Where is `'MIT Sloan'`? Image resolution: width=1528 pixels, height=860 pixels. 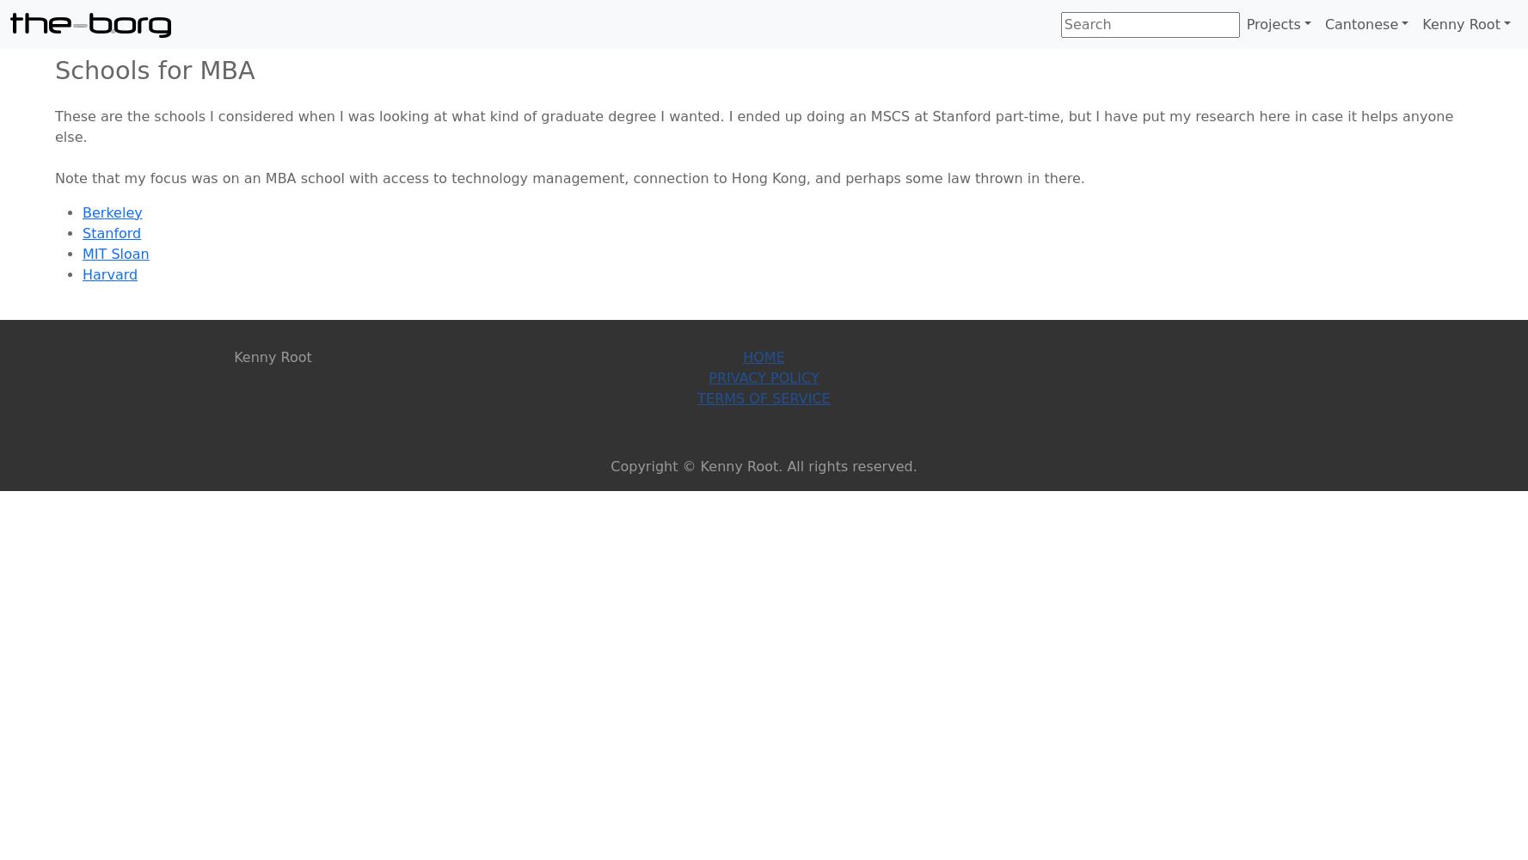 'MIT Sloan' is located at coordinates (82, 253).